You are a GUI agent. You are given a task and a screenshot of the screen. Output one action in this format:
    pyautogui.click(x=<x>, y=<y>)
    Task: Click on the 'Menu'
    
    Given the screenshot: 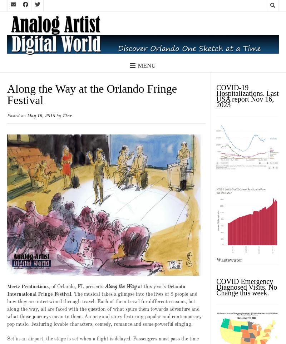 What is the action you would take?
    pyautogui.click(x=146, y=65)
    